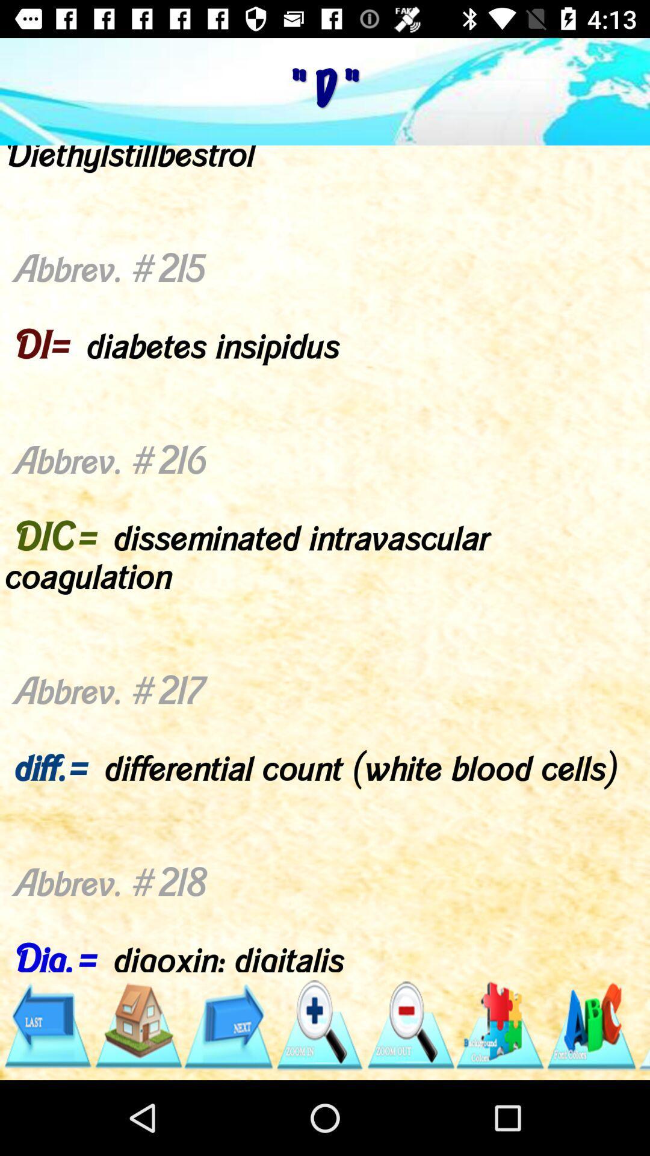  I want to click on icon below abbrev 	209	 	d item, so click(409, 1025).